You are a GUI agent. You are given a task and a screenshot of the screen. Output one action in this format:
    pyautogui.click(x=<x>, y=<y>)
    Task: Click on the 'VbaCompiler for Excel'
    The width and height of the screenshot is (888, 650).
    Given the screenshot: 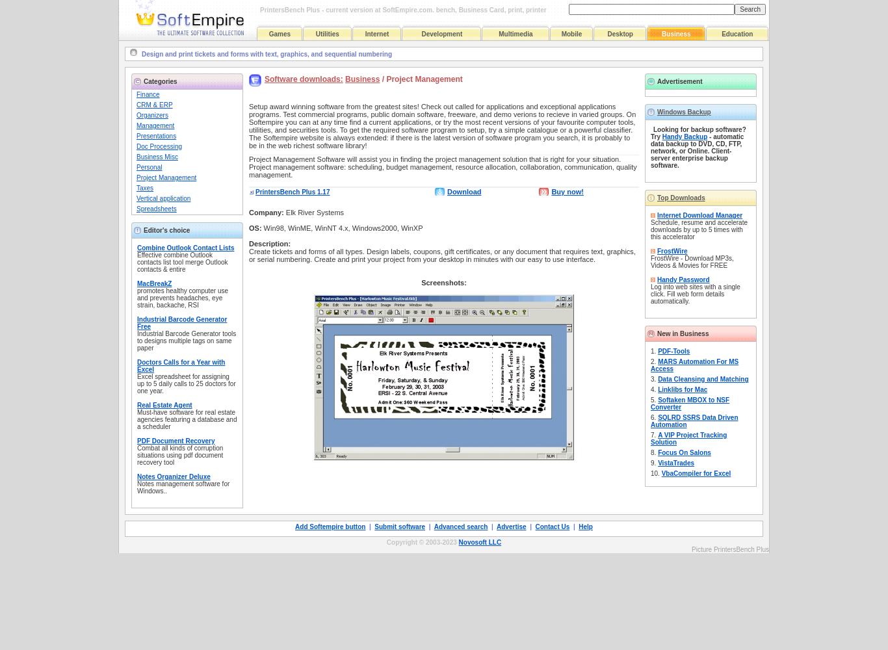 What is the action you would take?
    pyautogui.click(x=695, y=473)
    